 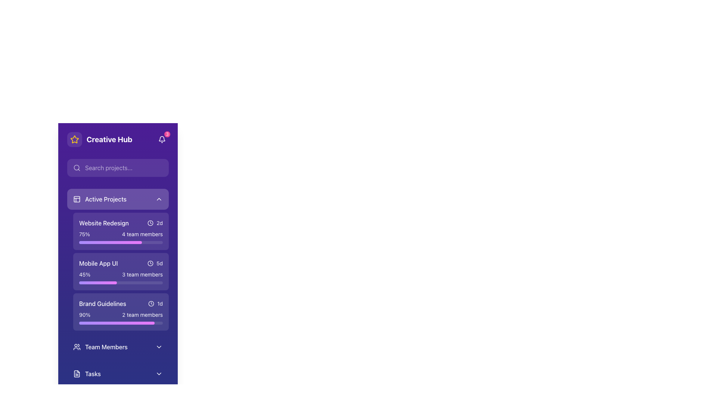 I want to click on the non-interactive label displaying information about the number of team members associated with the 'Mobile App UI' project, positioned to the right of the '45%' text within the 'Active Projects' section, so click(x=142, y=275).